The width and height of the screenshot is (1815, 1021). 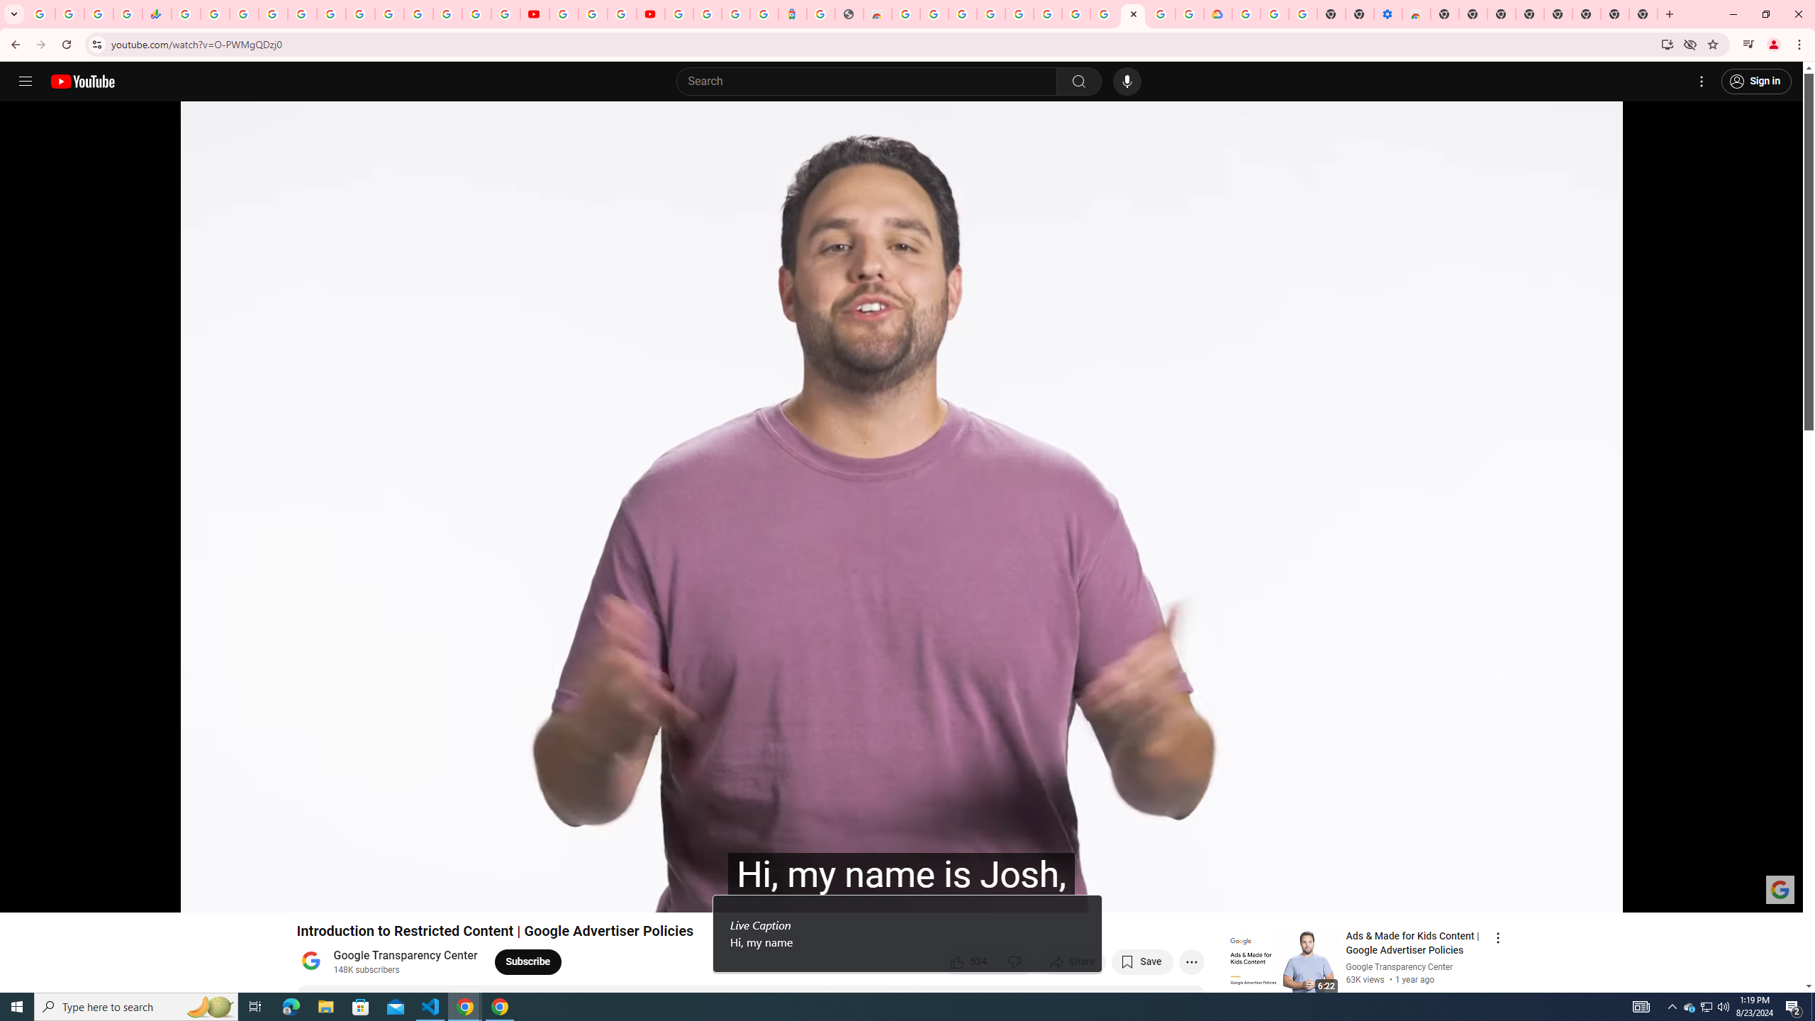 What do you see at coordinates (1748, 44) in the screenshot?
I see `'Control your music, videos, and more'` at bounding box center [1748, 44].